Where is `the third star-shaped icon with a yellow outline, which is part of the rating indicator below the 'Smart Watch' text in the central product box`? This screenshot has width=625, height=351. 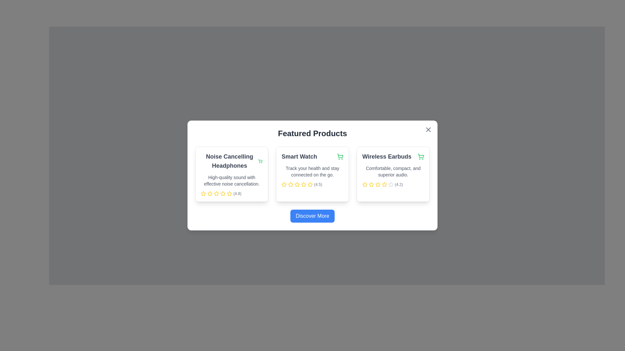
the third star-shaped icon with a yellow outline, which is part of the rating indicator below the 'Smart Watch' text in the central product box is located at coordinates (310, 184).